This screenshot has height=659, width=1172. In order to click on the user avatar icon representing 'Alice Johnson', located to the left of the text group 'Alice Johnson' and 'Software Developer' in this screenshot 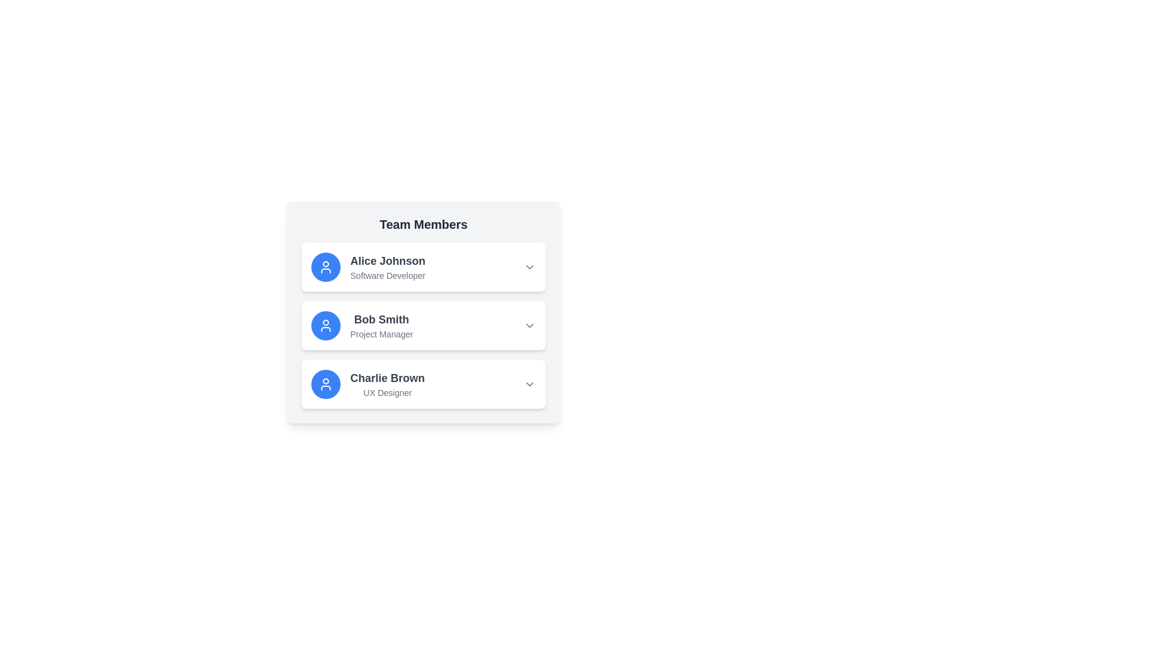, I will do `click(325, 267)`.